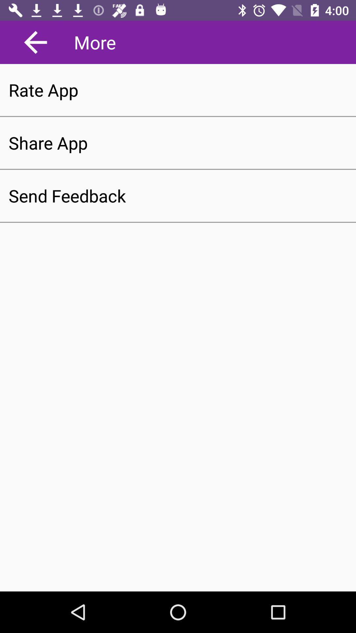 The height and width of the screenshot is (633, 356). I want to click on the icon next to more, so click(36, 42).